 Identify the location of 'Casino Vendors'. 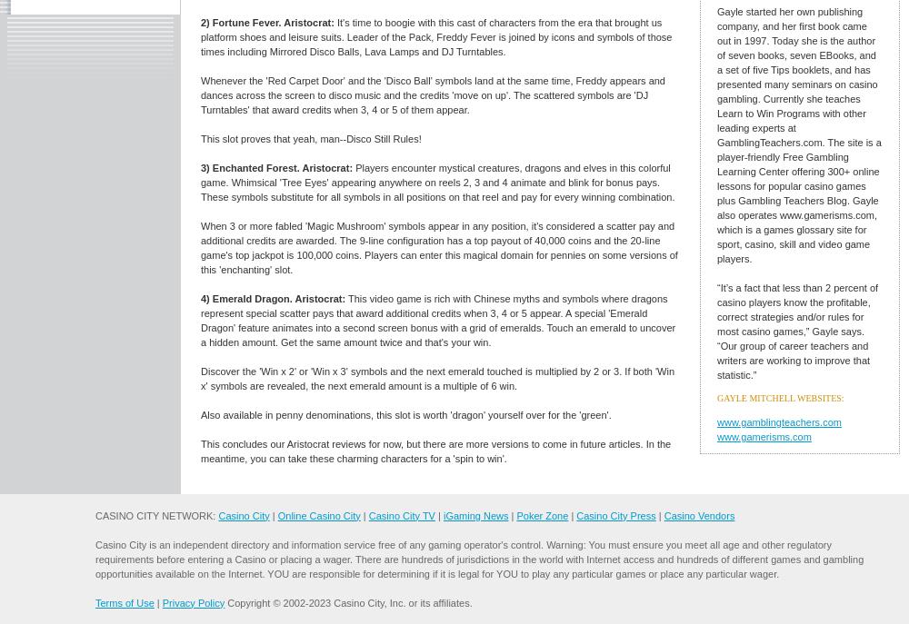
(699, 513).